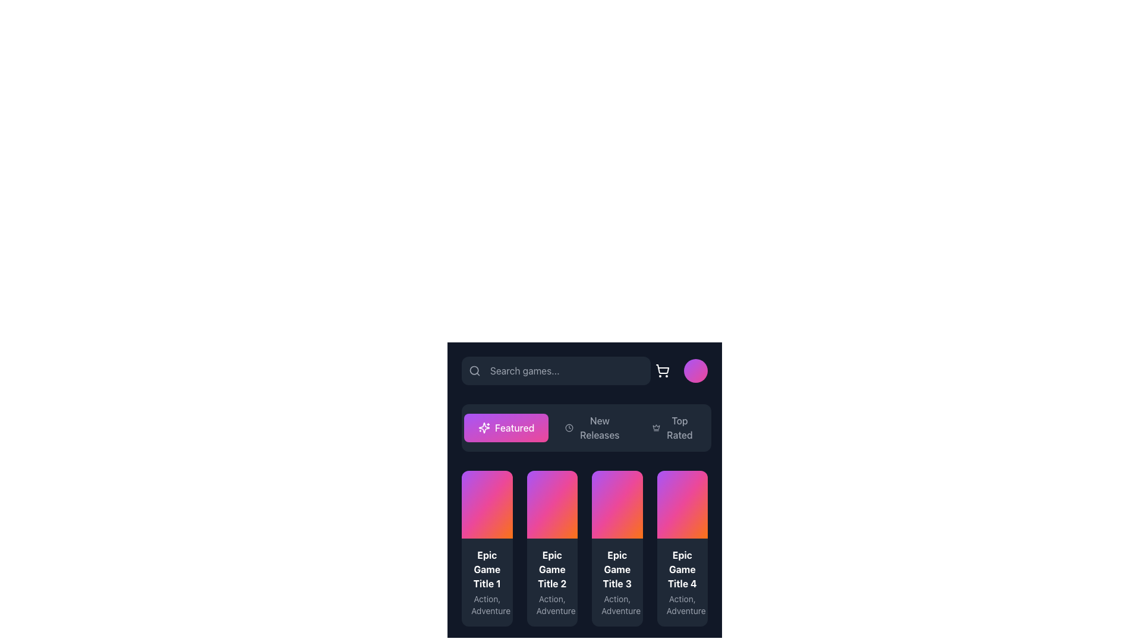  I want to click on the second game title card in the store-like interface, so click(551, 552).